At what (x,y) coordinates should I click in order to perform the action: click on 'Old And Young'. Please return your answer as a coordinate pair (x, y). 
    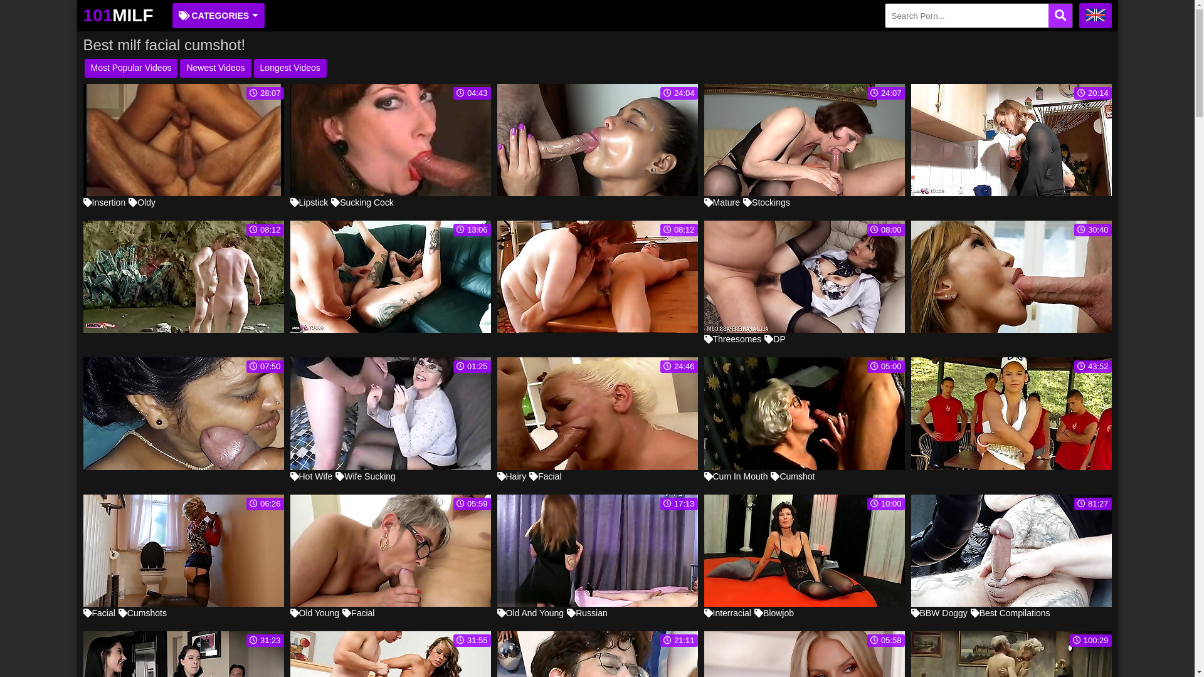
    Looking at the image, I should click on (530, 612).